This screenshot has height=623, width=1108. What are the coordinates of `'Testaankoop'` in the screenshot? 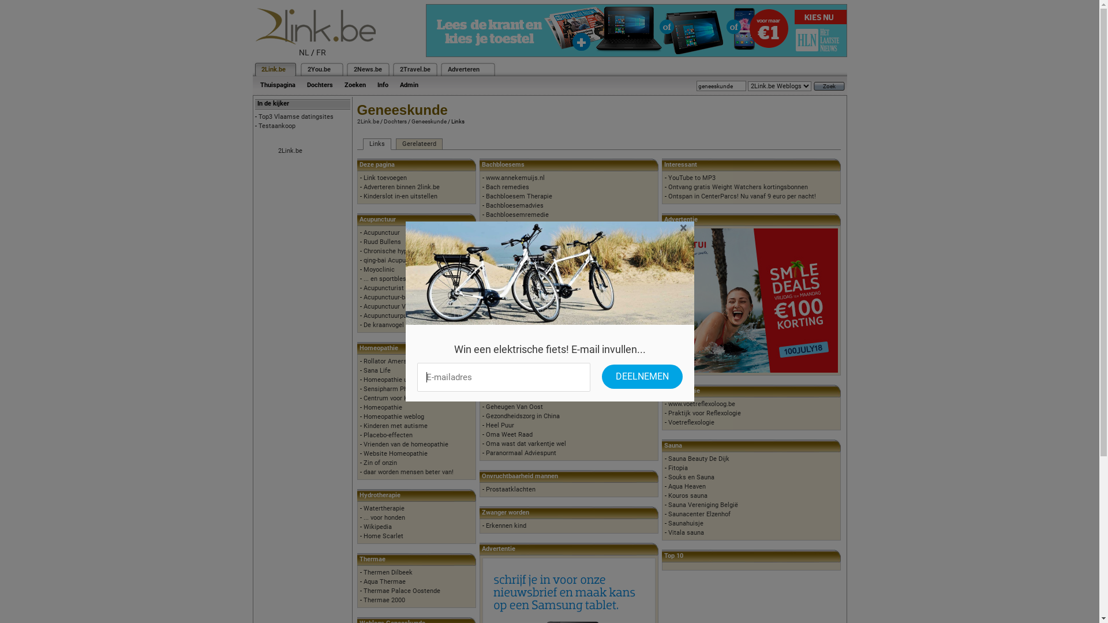 It's located at (257, 126).